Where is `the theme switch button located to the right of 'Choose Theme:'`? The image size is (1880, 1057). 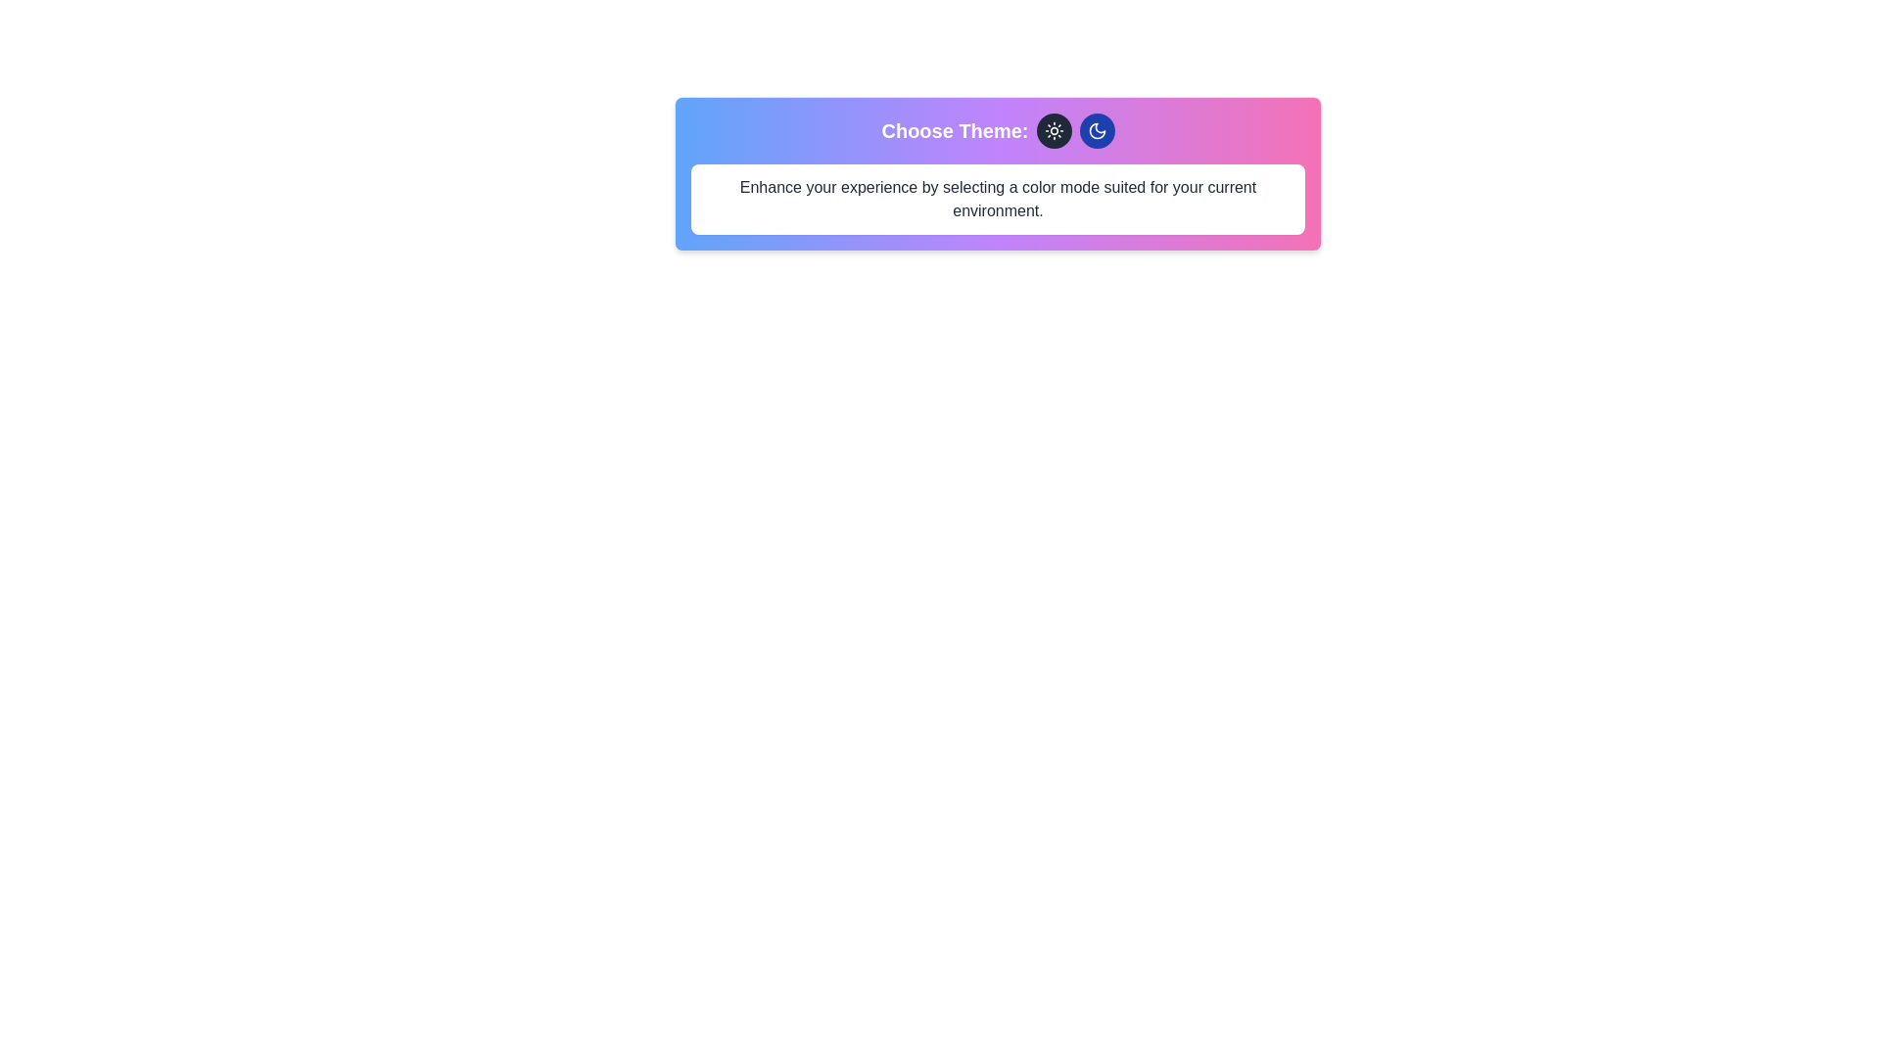 the theme switch button located to the right of 'Choose Theme:' is located at coordinates (1053, 131).